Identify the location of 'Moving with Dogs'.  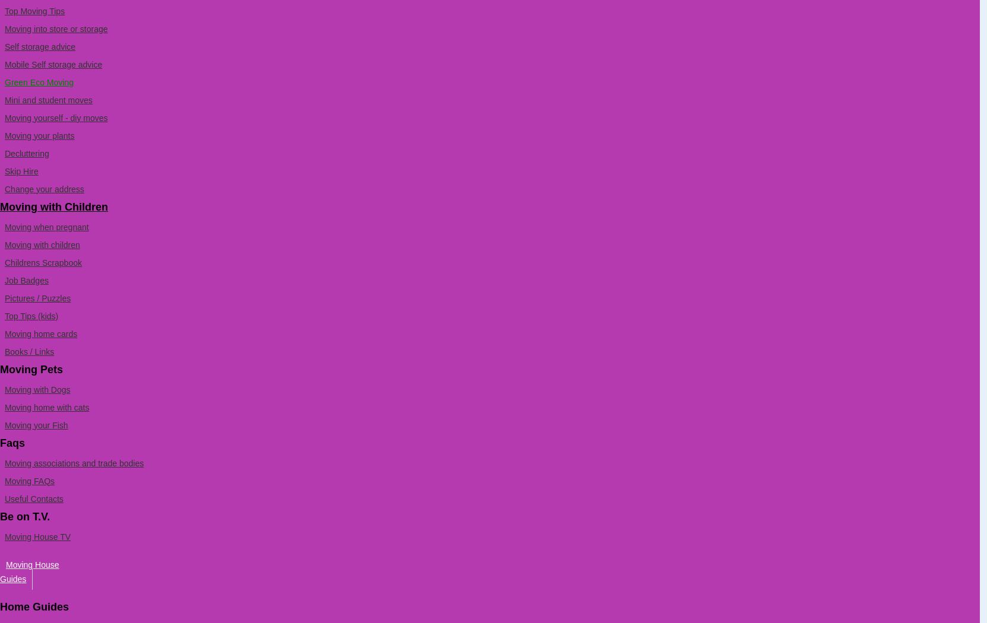
(36, 389).